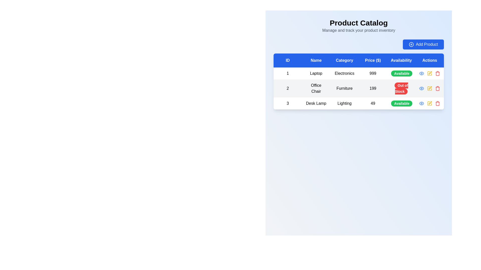  I want to click on displayed text '3' from the bold text label located in the leftmost column of the third row under the 'ID' column in the 'Product Catalog' table, so click(288, 103).